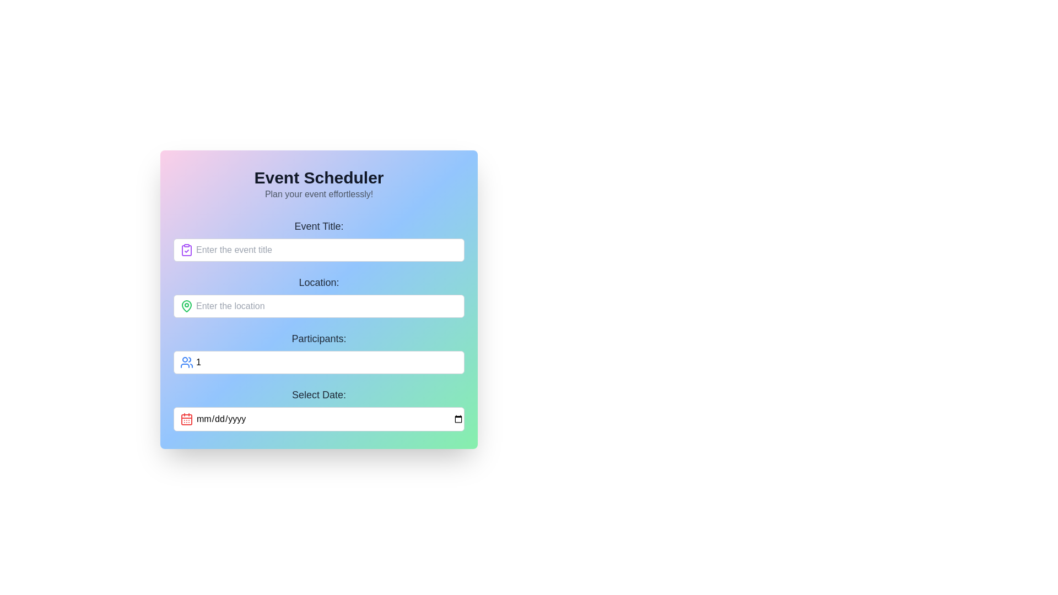  I want to click on the Text Label that indicates the purpose of the input field for selecting a date, located in the bottom section of the form interface, aligned to the left margin and directly above the date input field, so click(319, 394).